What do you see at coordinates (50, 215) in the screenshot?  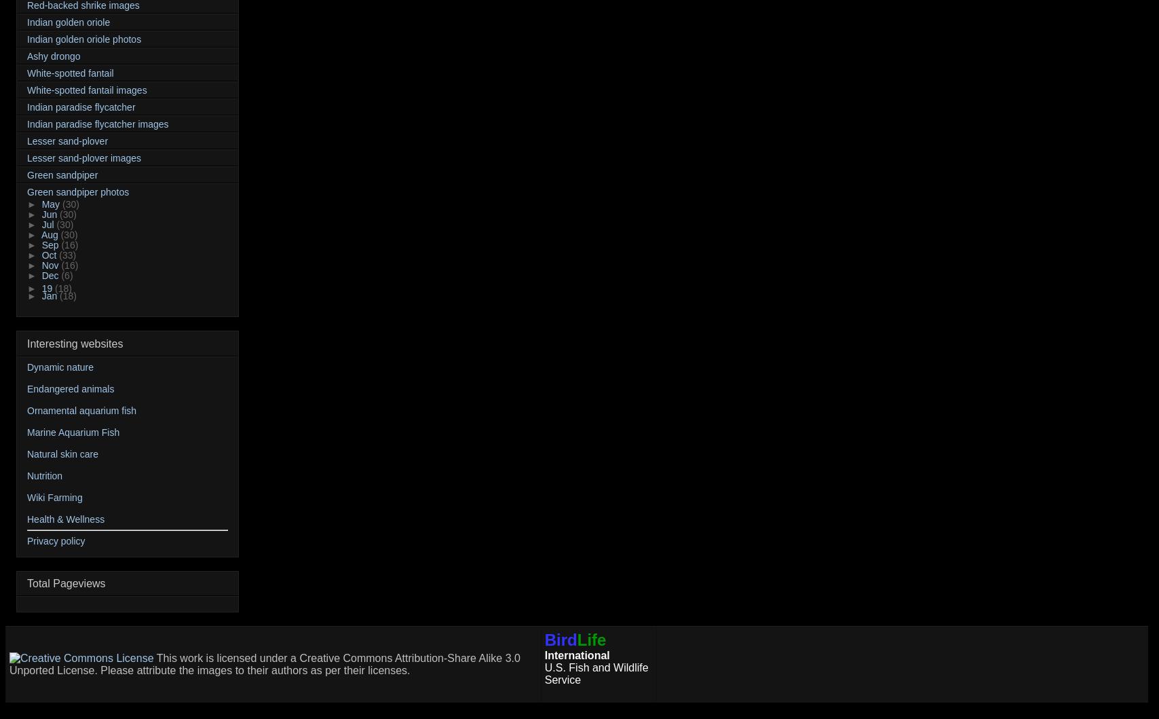 I see `'Jun'` at bounding box center [50, 215].